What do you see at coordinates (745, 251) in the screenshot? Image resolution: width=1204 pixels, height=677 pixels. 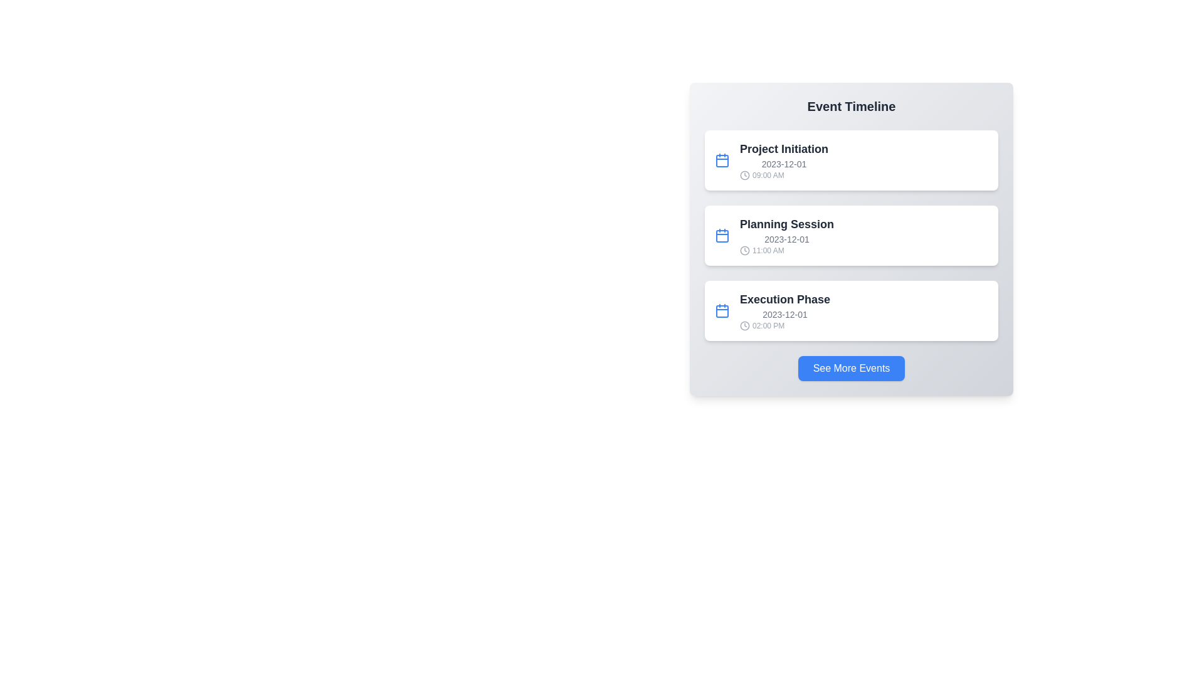 I see `the clock icon associated with the Planning Session event` at bounding box center [745, 251].